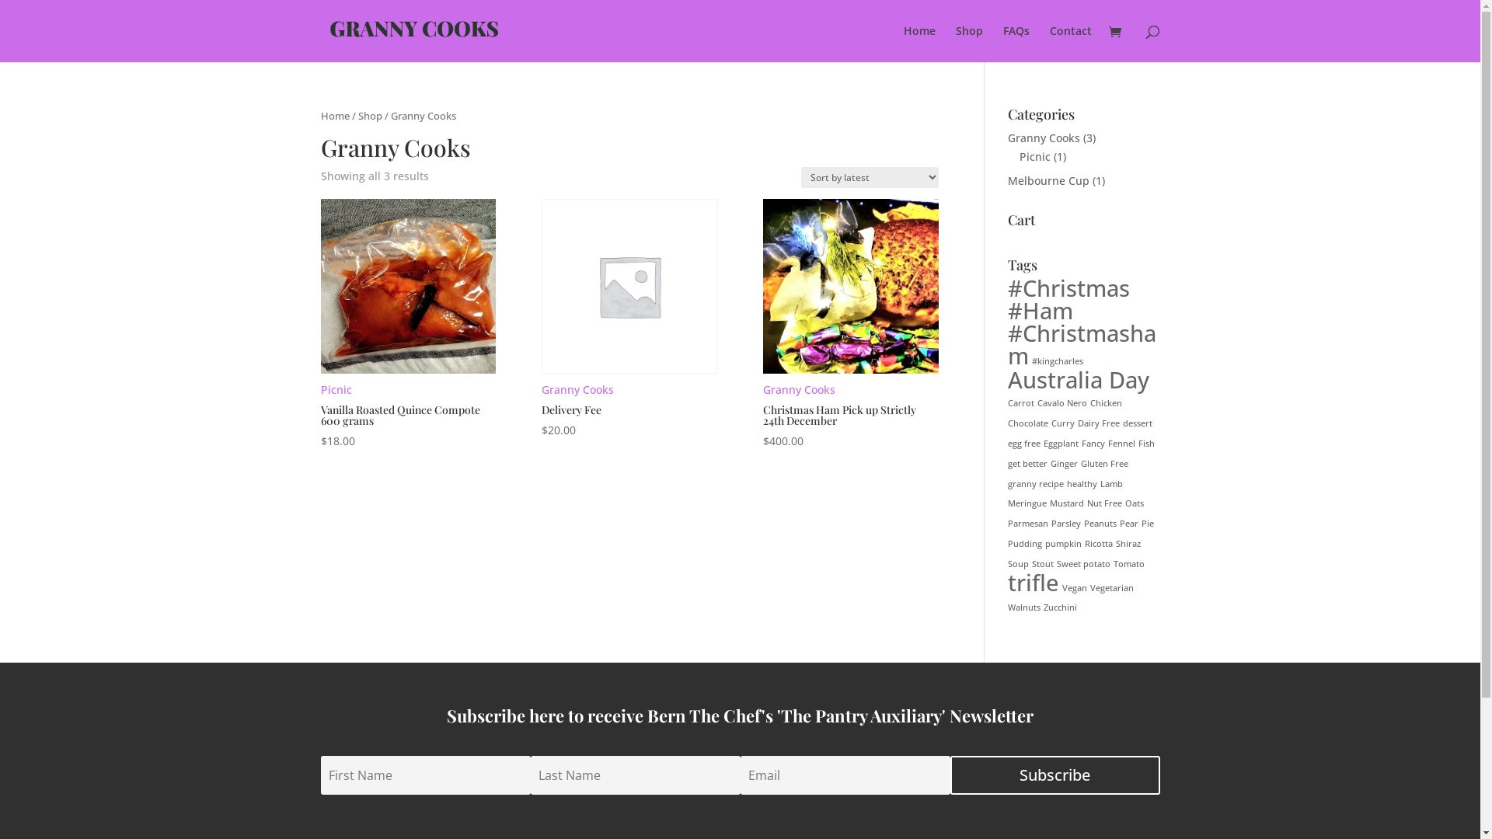  What do you see at coordinates (1028, 524) in the screenshot?
I see `'Parmesan'` at bounding box center [1028, 524].